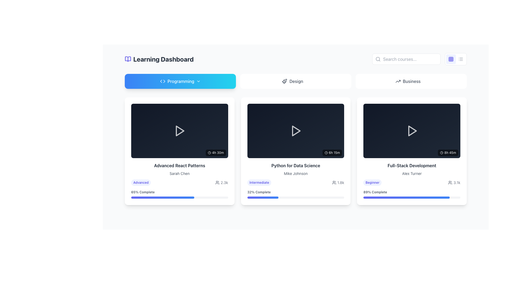  What do you see at coordinates (284, 81) in the screenshot?
I see `the leftmost 'Design' icon (SVG graphic) that visually indicates the 'Design' section, positioned between the 'Design' text label and white space` at bounding box center [284, 81].